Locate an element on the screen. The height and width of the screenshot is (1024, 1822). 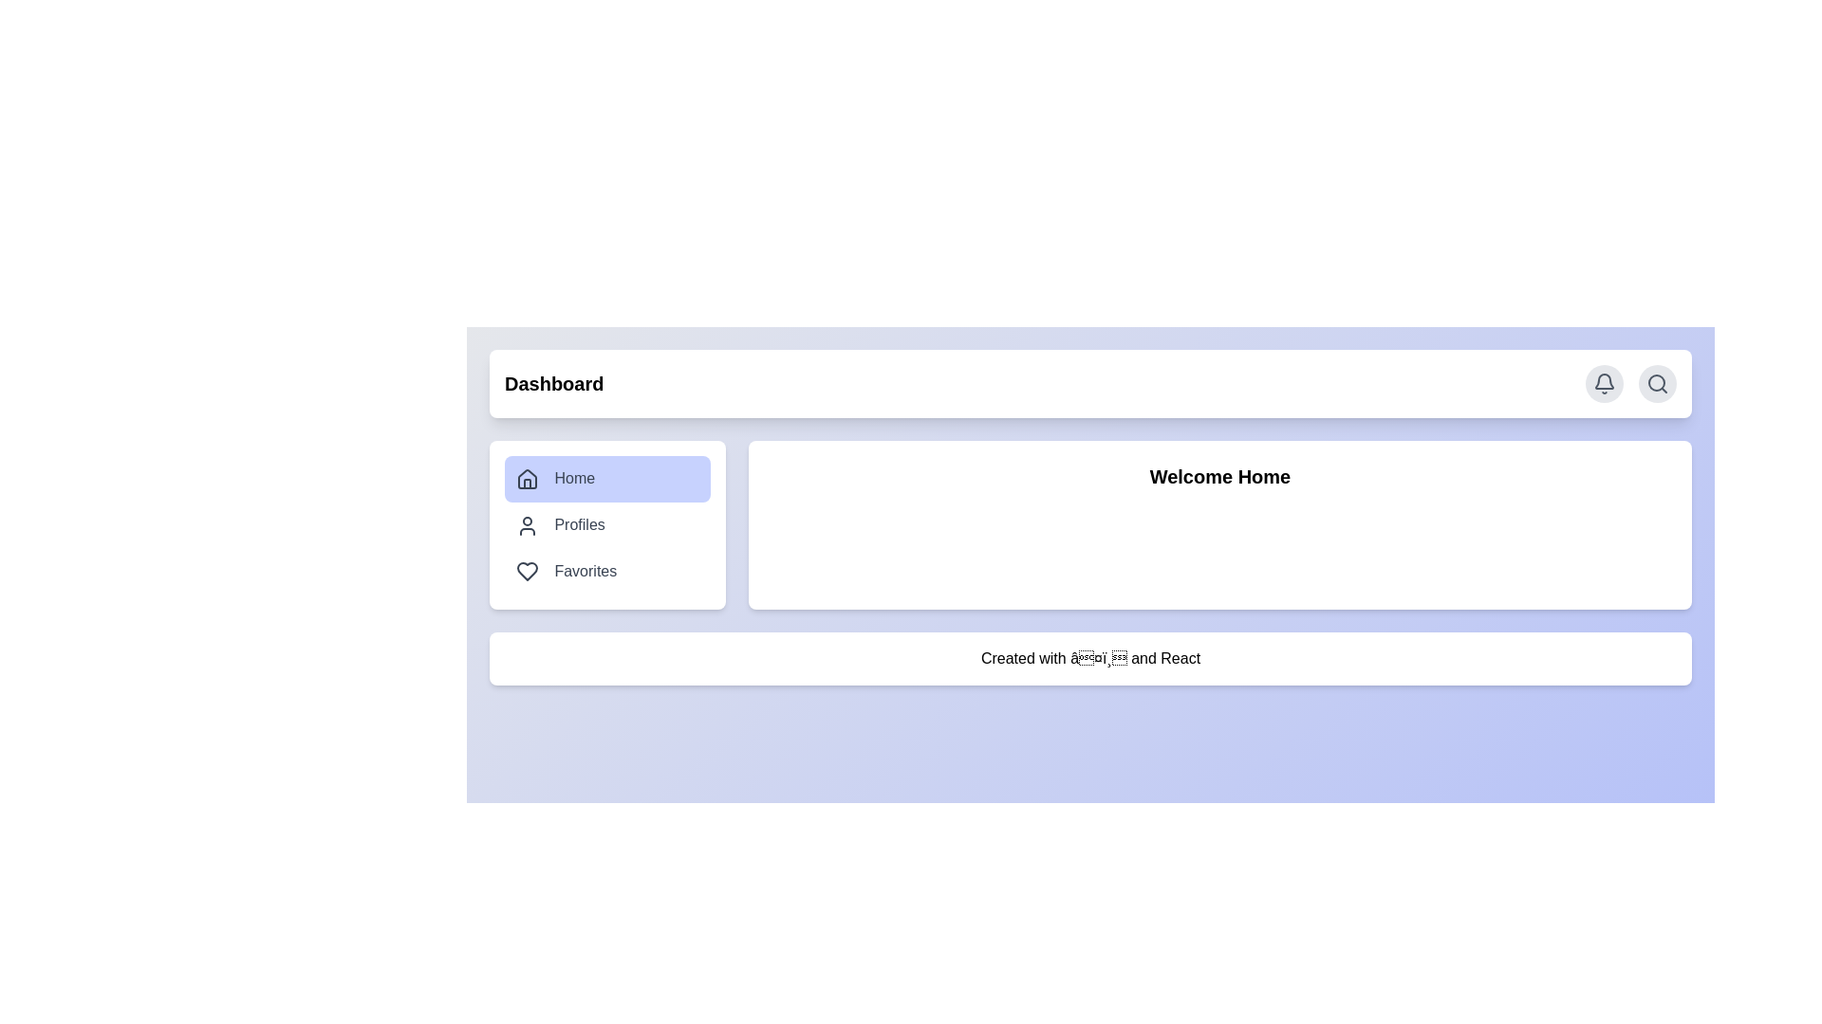
the text label that reads 'Created with ❤️ and React', which is styled with a neutral font and centered within a rounded rectangle at the bottom of the layout is located at coordinates (1090, 658).